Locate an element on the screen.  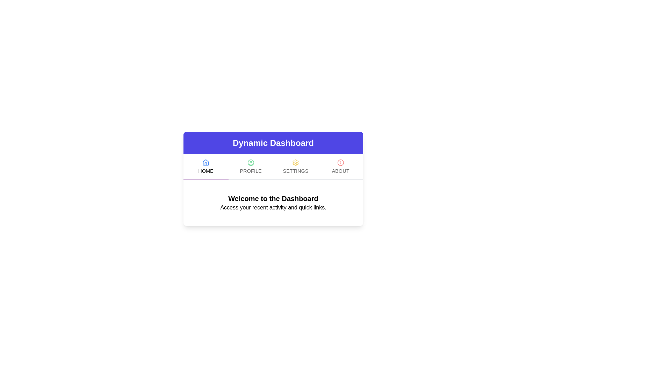
the navigation bar located at the top-center of the main interface is located at coordinates (273, 178).